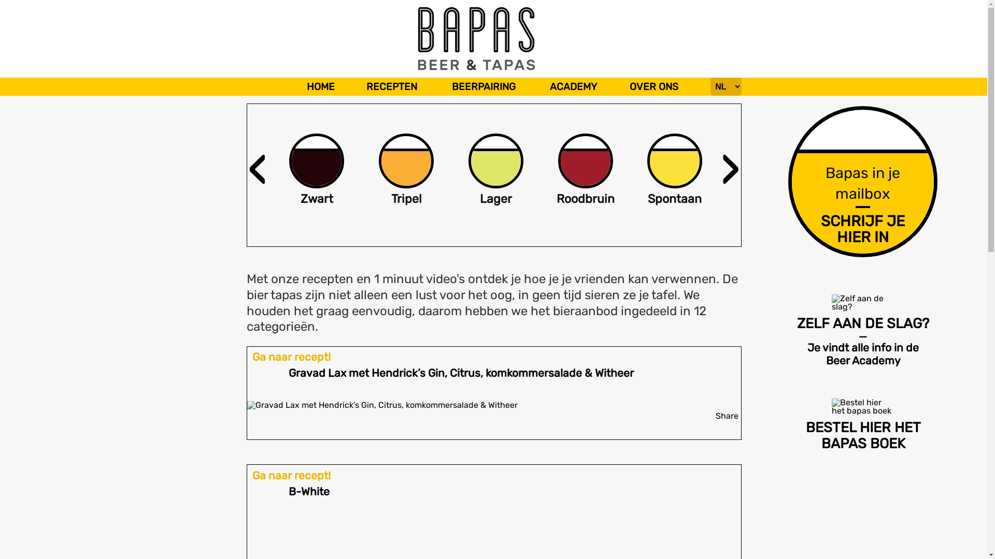 The image size is (995, 559). What do you see at coordinates (863, 228) in the screenshot?
I see `'SCHRIJF JE HIER IN'` at bounding box center [863, 228].